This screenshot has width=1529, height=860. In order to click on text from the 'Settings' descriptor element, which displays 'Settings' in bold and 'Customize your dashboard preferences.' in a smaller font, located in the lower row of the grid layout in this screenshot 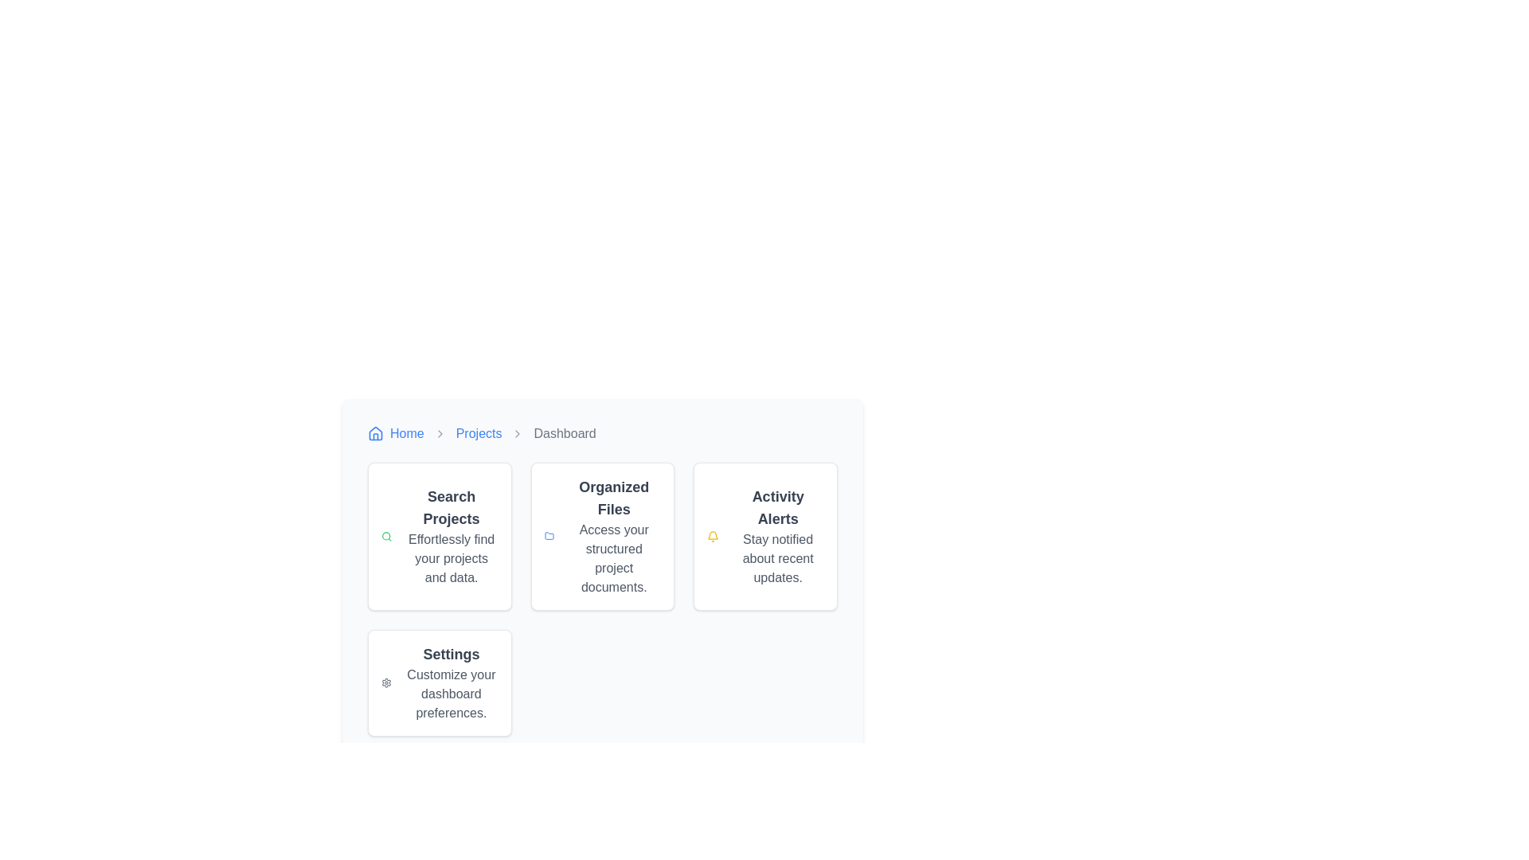, I will do `click(450, 682)`.